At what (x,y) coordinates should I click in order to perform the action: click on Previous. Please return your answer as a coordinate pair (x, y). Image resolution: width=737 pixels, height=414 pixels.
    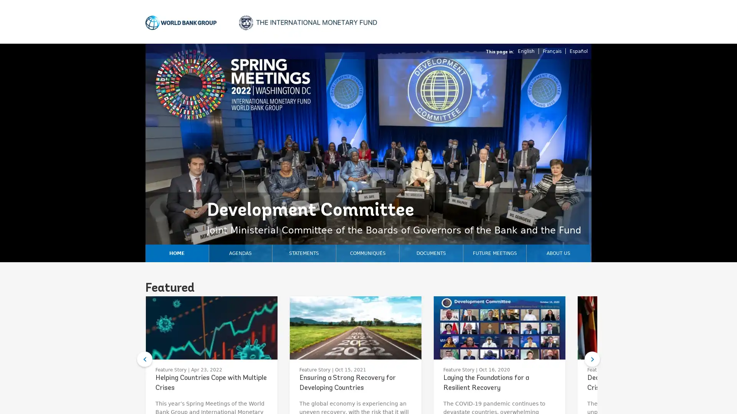
    Looking at the image, I should click on (145, 359).